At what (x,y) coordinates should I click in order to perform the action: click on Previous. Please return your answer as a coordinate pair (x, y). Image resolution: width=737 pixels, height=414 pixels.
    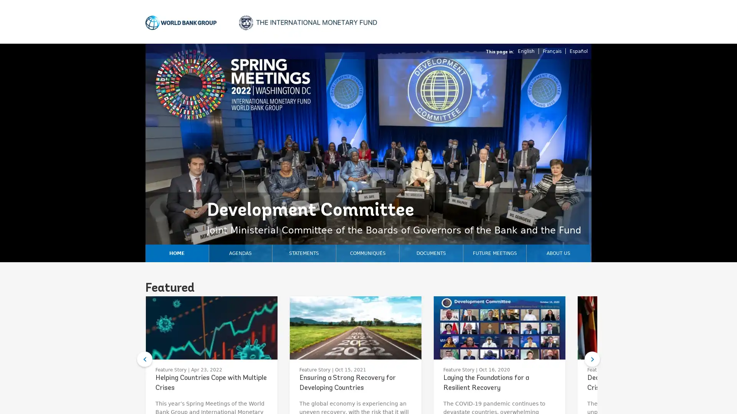
    Looking at the image, I should click on (145, 359).